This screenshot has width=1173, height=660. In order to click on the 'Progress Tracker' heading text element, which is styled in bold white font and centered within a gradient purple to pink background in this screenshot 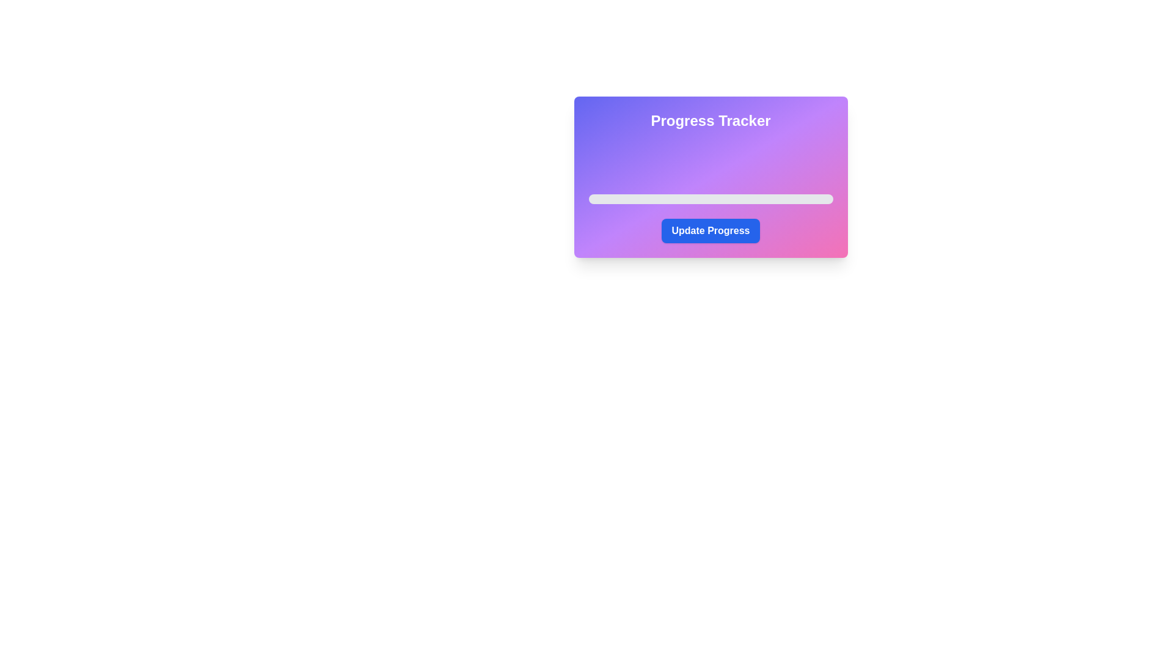, I will do `click(711, 120)`.